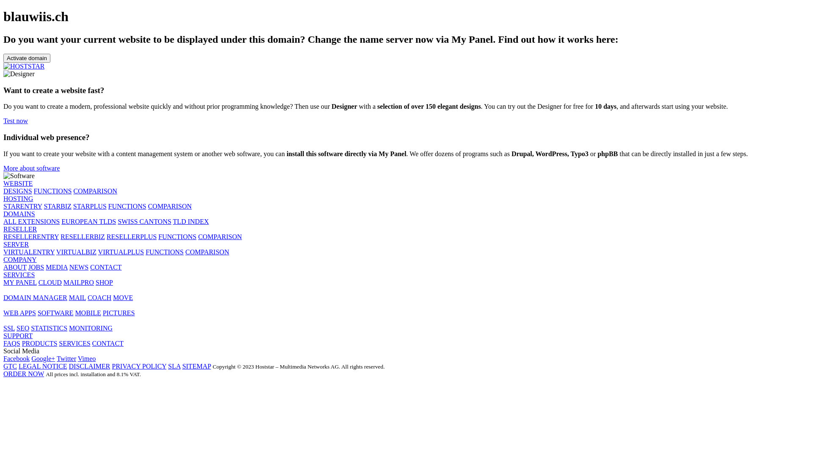 The height and width of the screenshot is (457, 813). I want to click on 'PRIVACY POLICY', so click(139, 366).